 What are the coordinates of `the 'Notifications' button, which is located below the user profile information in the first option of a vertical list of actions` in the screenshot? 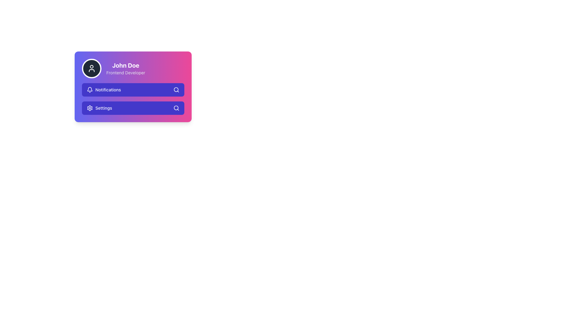 It's located at (104, 90).